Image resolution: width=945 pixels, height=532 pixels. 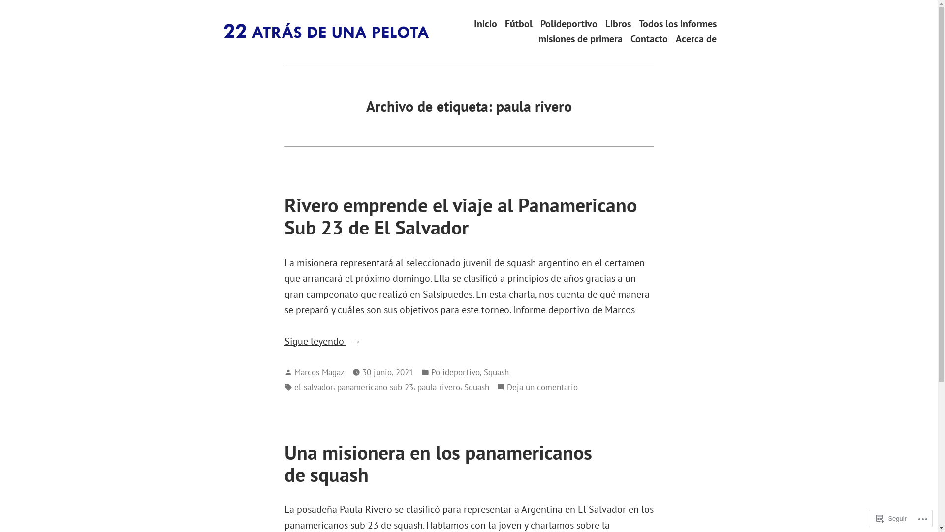 I want to click on 'Inicio', so click(x=485, y=23).